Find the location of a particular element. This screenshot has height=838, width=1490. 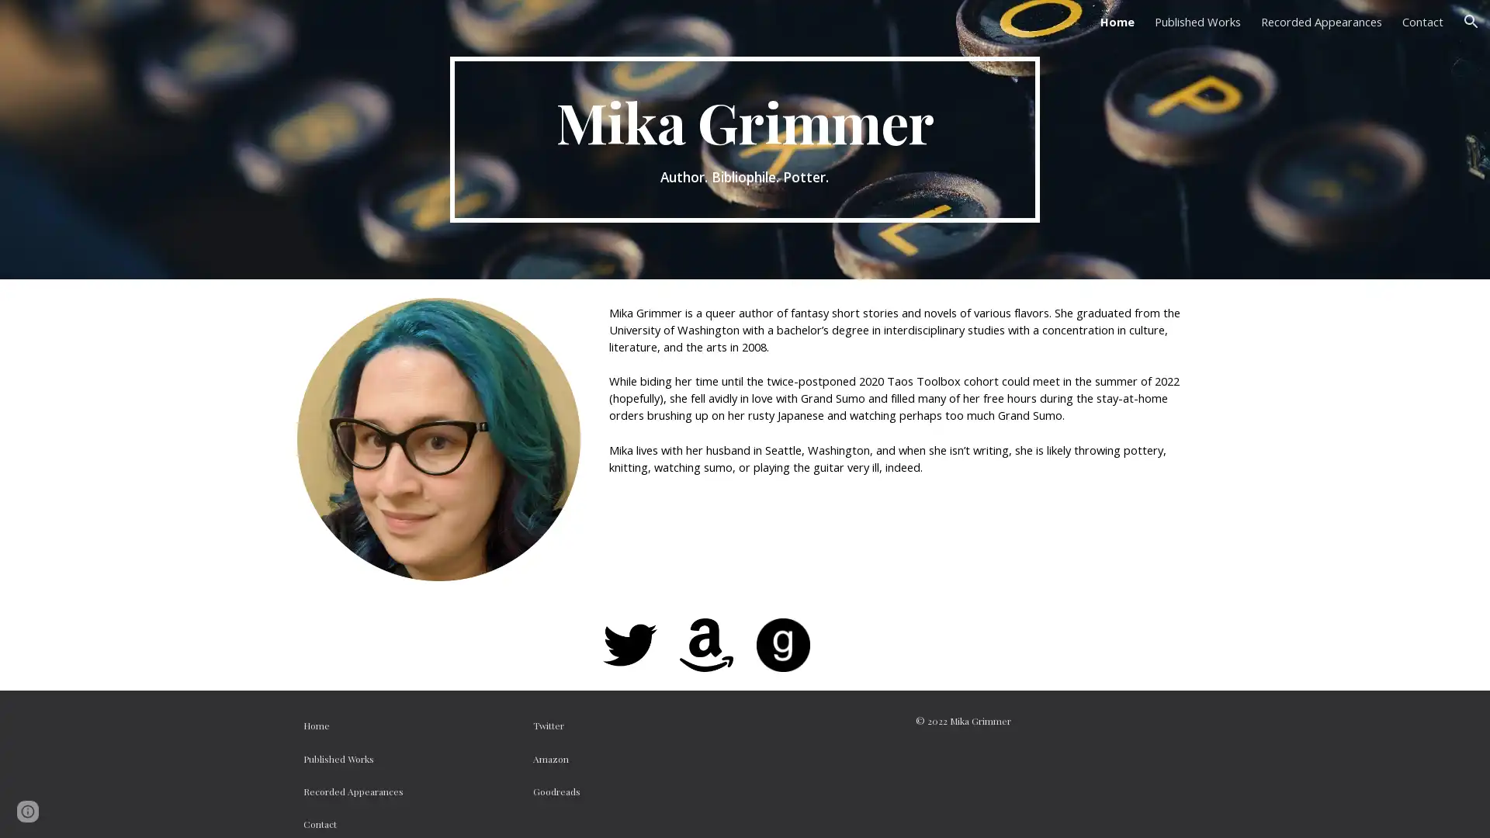

Report abuse is located at coordinates (142, 810).